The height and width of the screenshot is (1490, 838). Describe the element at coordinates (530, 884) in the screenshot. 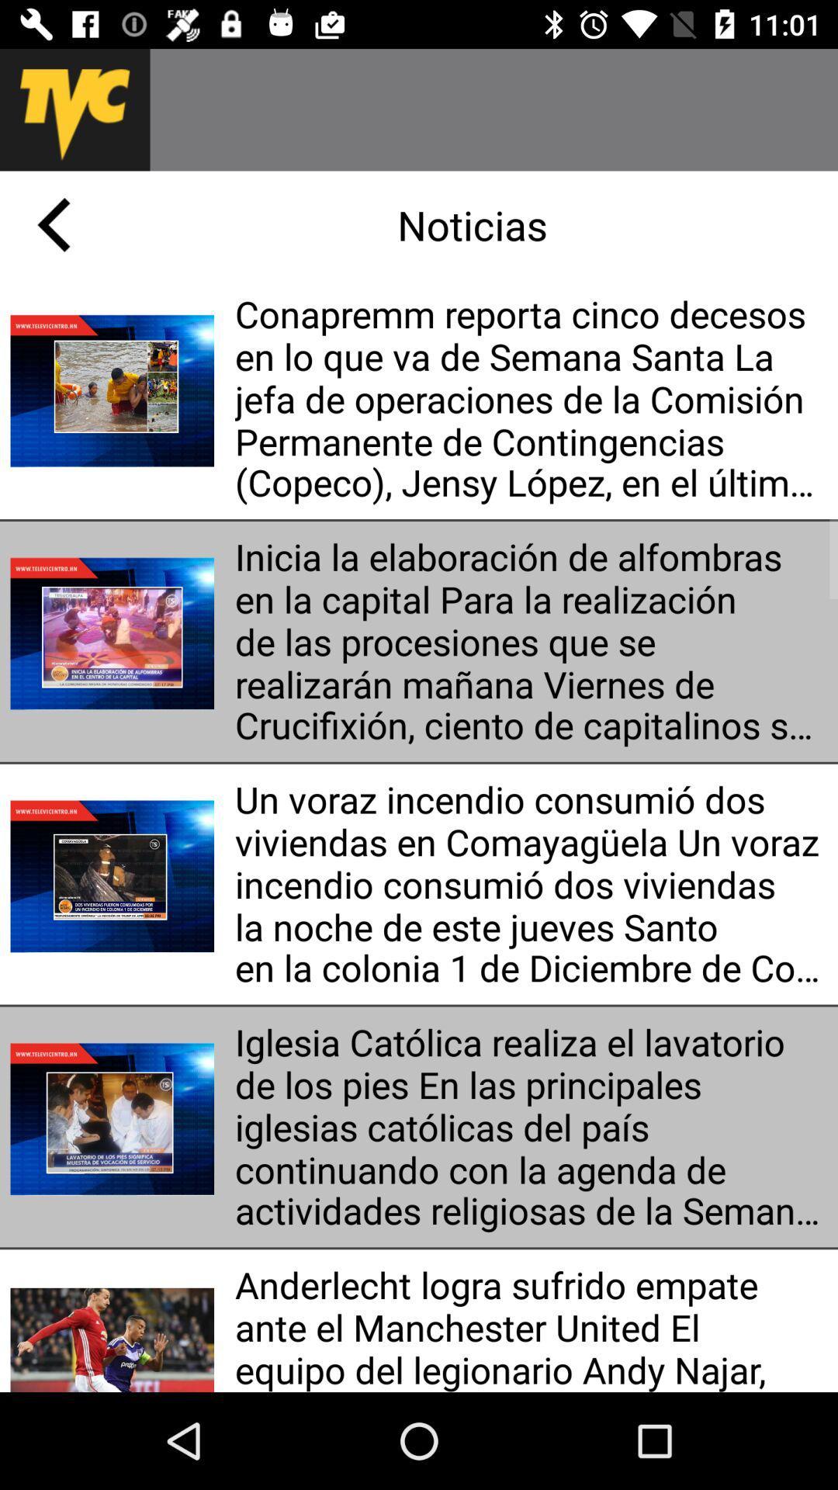

I see `the un voraz incendio app` at that location.